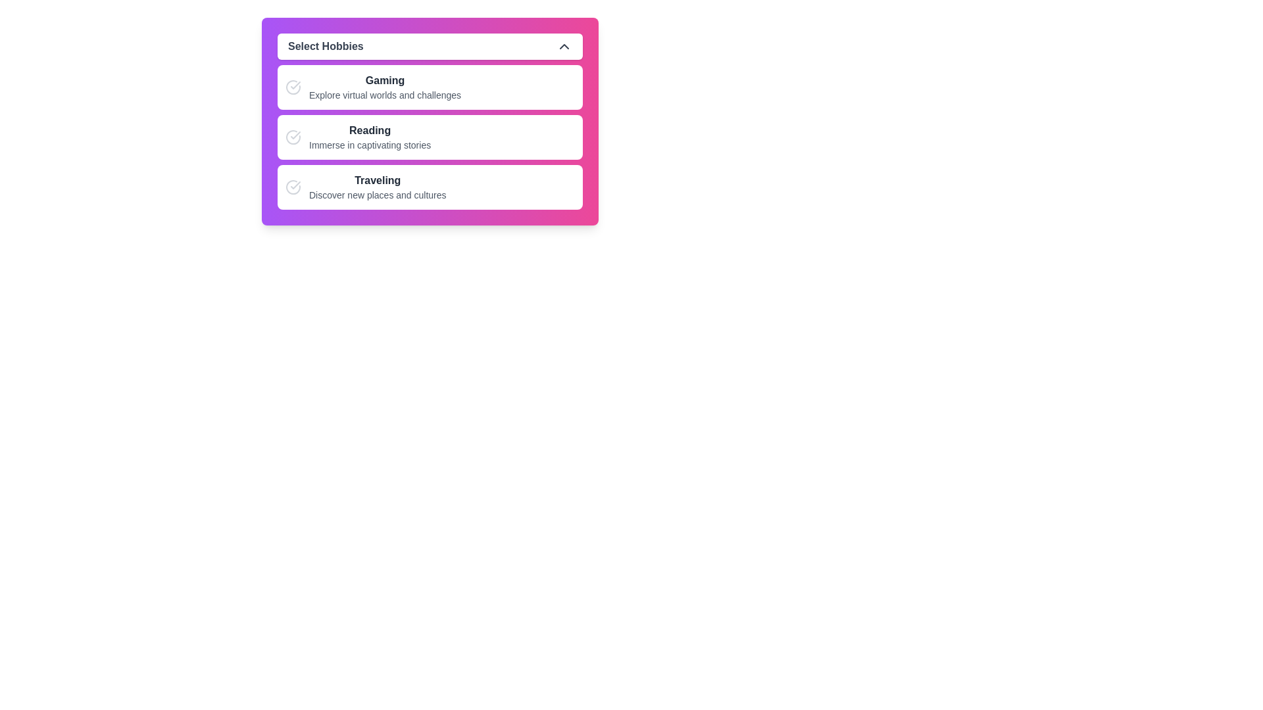 The width and height of the screenshot is (1263, 710). I want to click on the 'Gaming' text block, which is the first option in the vertical list below 'Select Hobbies', featuring a bold title and descriptive text, so click(384, 87).